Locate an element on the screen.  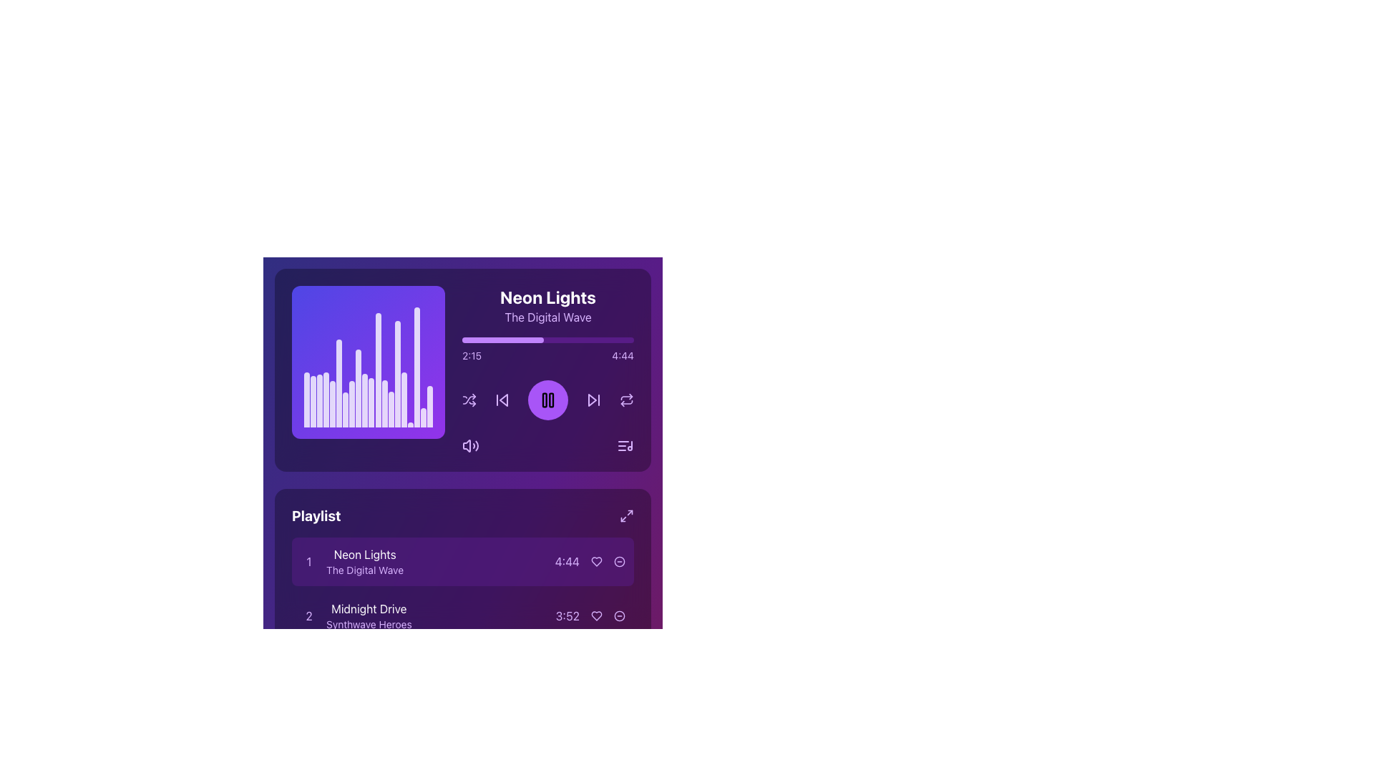
the progress is located at coordinates (474, 340).